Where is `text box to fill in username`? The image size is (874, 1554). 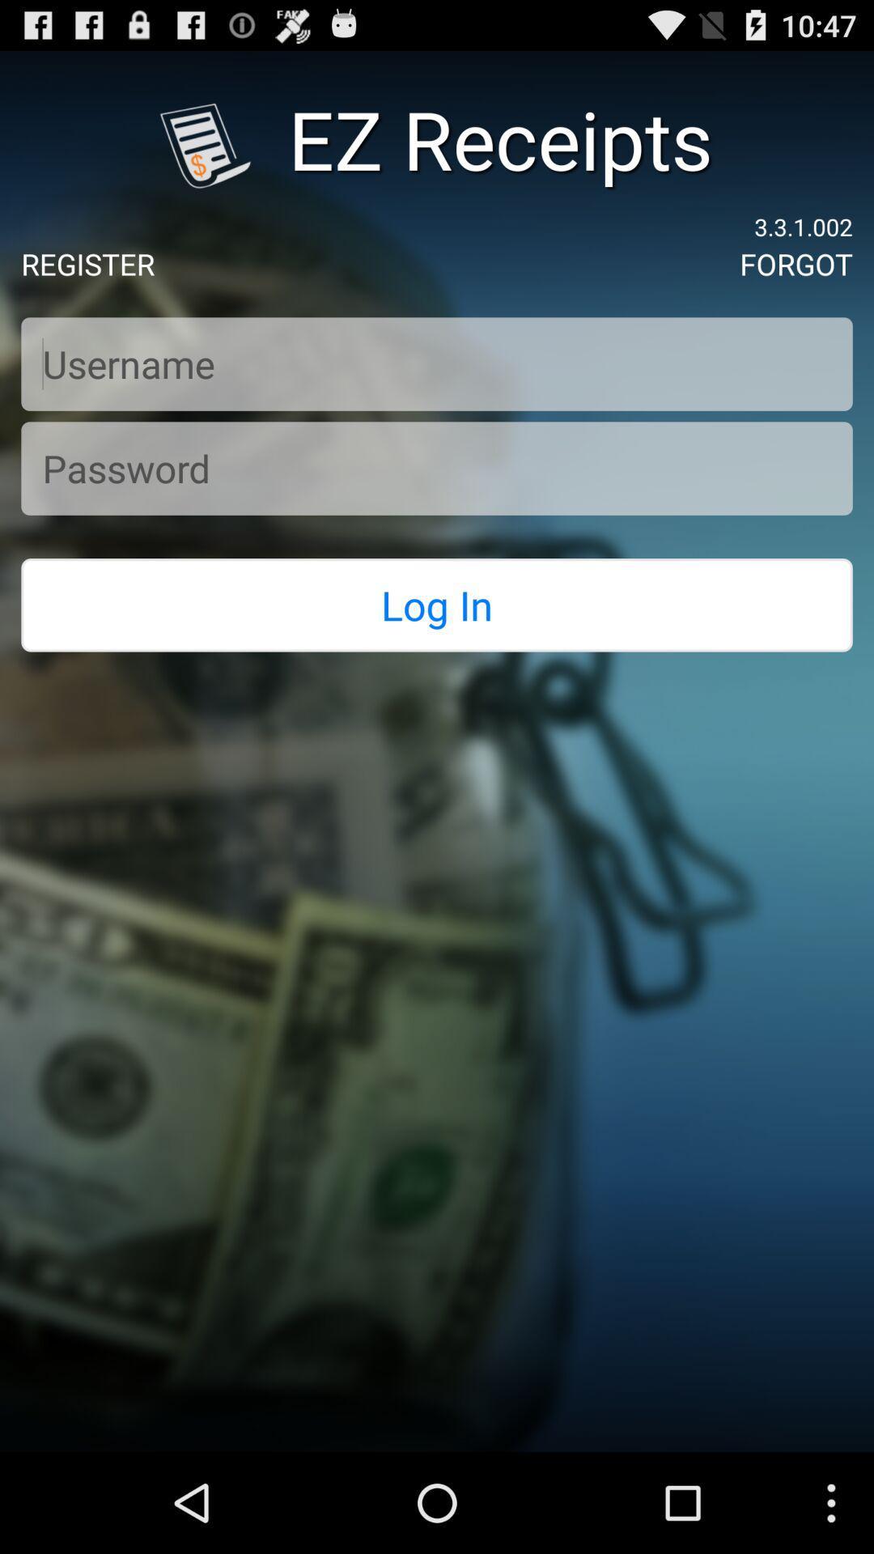 text box to fill in username is located at coordinates (437, 363).